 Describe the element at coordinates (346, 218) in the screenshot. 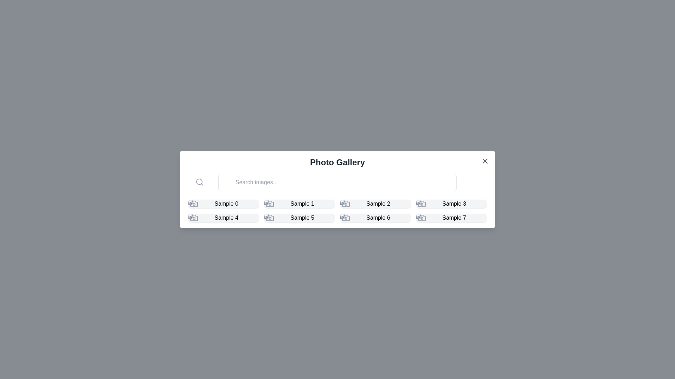

I see `the icon for the item labeled 'Sample 6', which is centrally located in the grid layout below the search bar` at that location.